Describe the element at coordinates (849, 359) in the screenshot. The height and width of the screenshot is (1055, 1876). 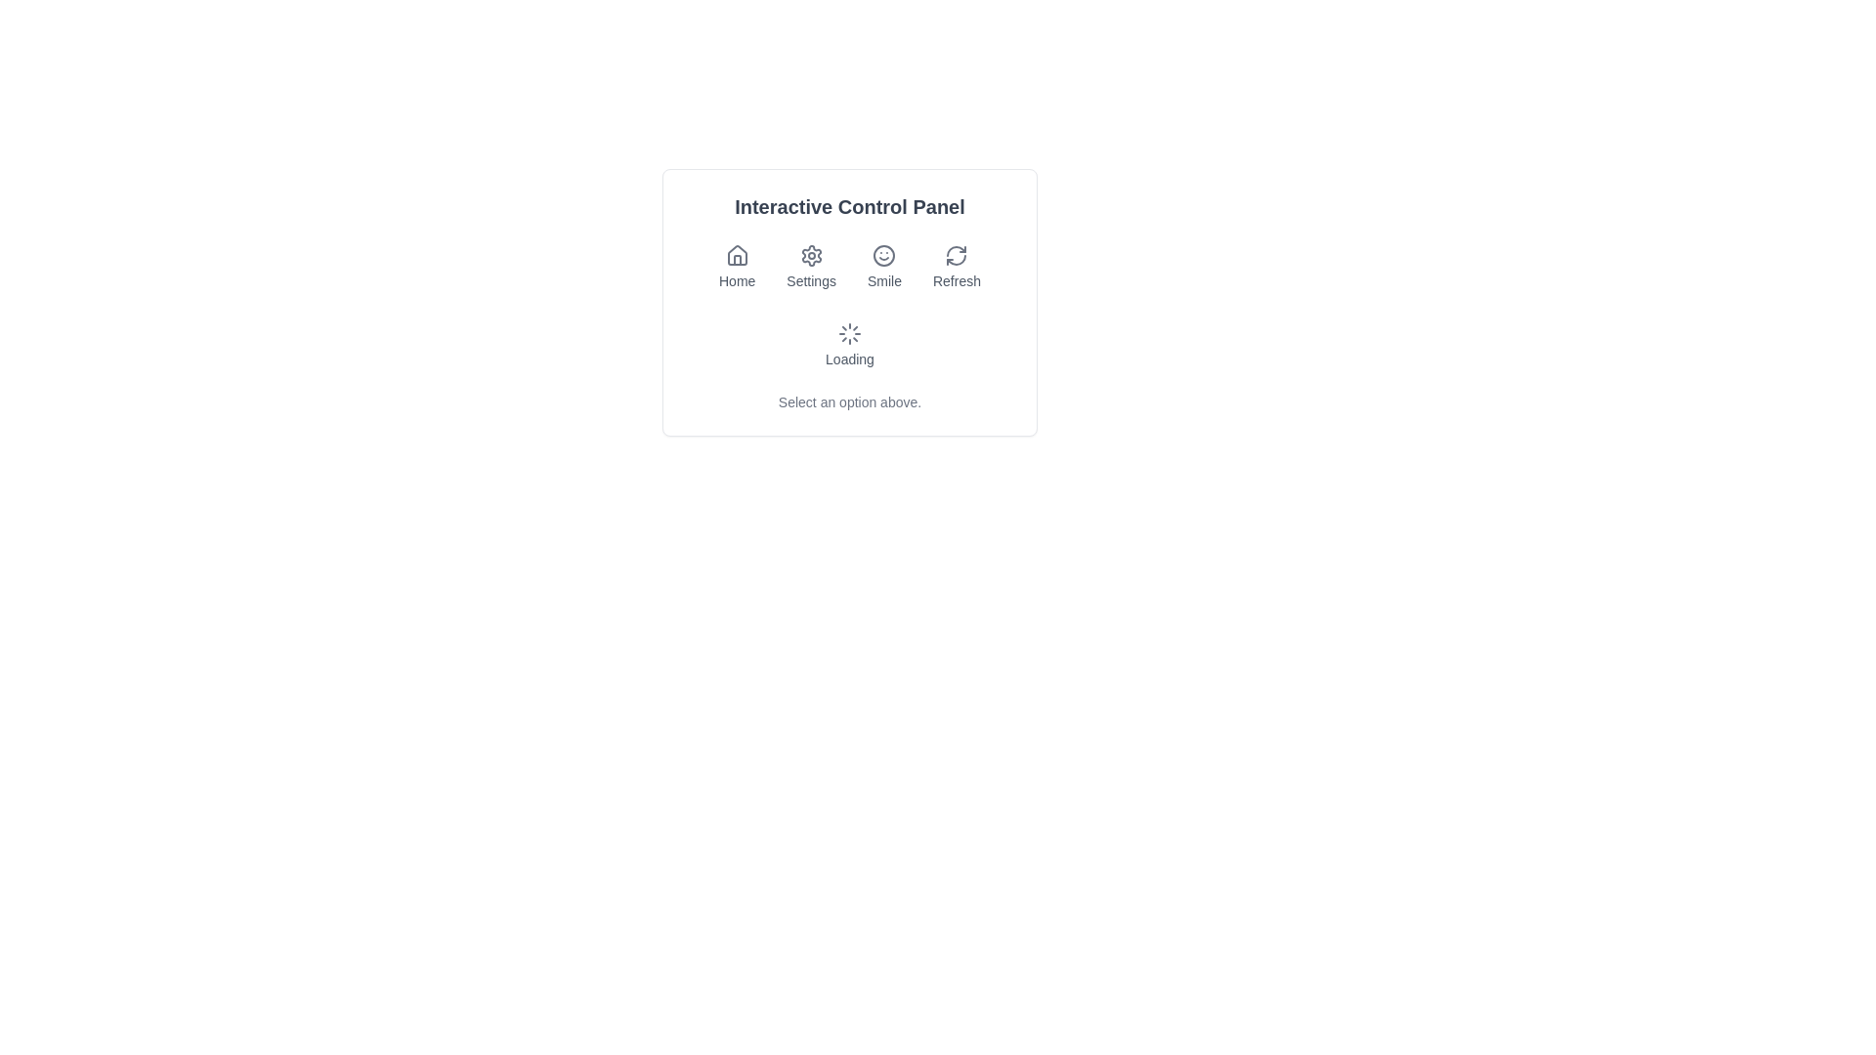
I see `the 'Loading' text label, which informs users that a process is currently in progress, located beneath the spinner icon in the interactive control panel` at that location.